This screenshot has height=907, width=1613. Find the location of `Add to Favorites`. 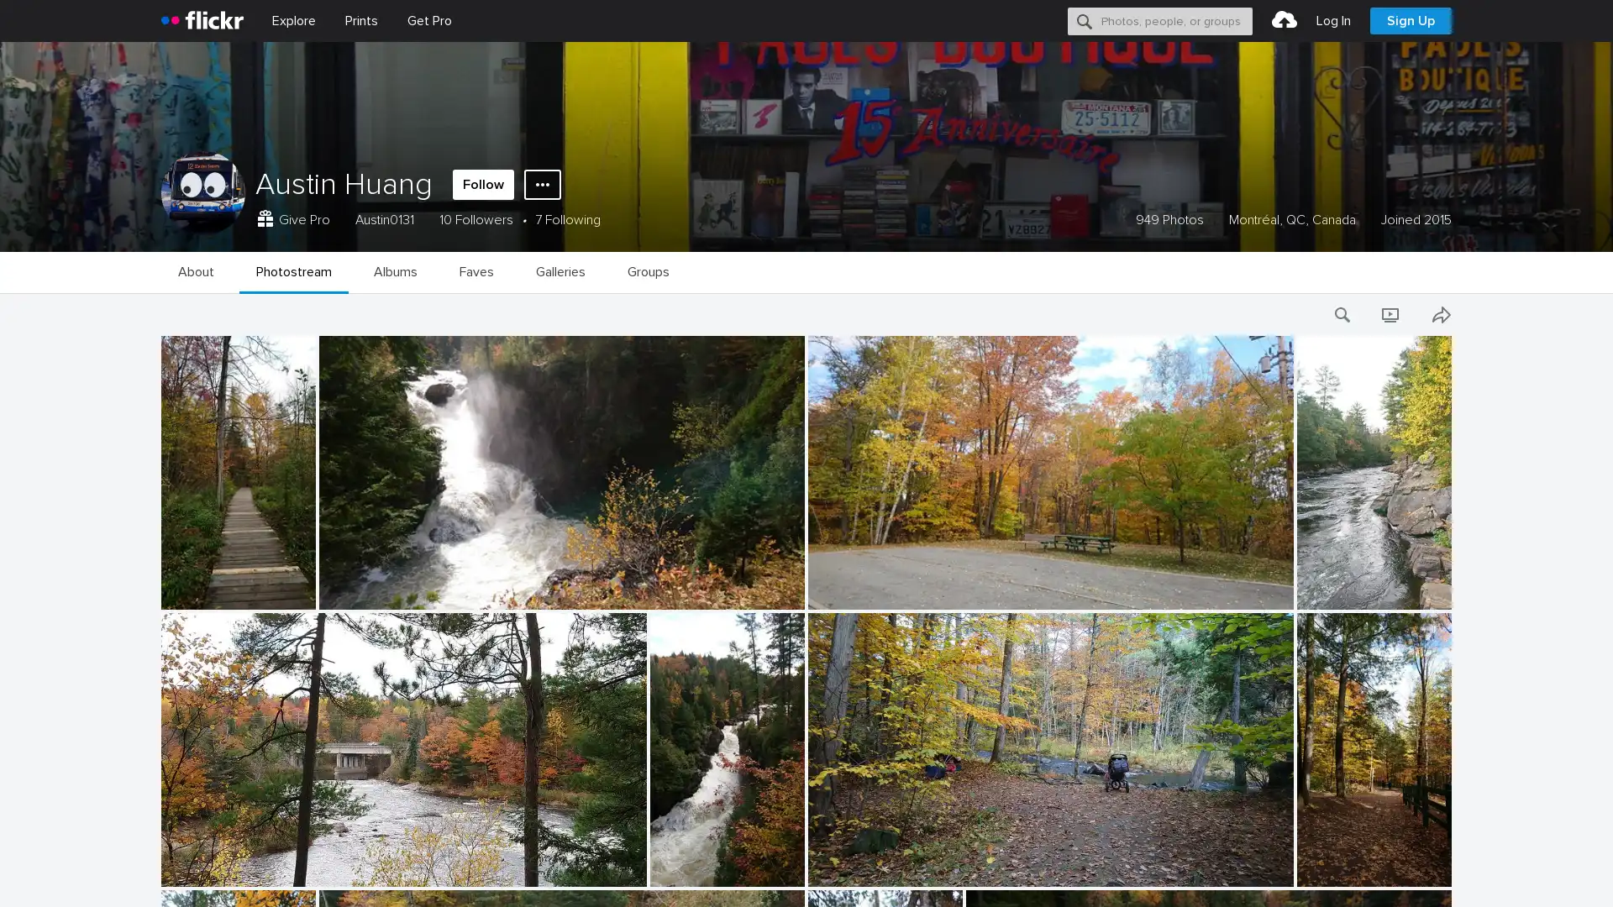

Add to Favorites is located at coordinates (161, 868).